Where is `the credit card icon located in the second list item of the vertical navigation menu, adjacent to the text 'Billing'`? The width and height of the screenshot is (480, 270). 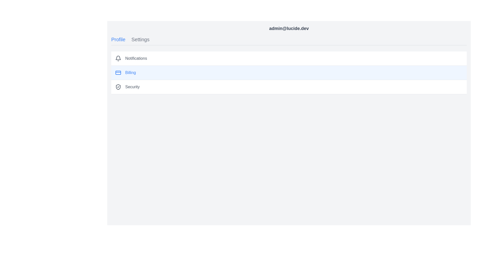
the credit card icon located in the second list item of the vertical navigation menu, adjacent to the text 'Billing' is located at coordinates (118, 72).